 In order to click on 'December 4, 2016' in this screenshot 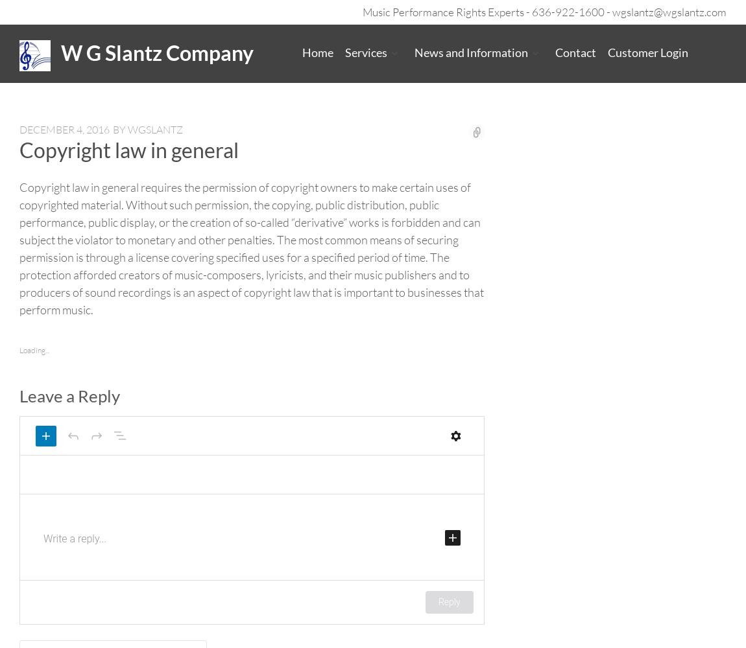, I will do `click(64, 128)`.